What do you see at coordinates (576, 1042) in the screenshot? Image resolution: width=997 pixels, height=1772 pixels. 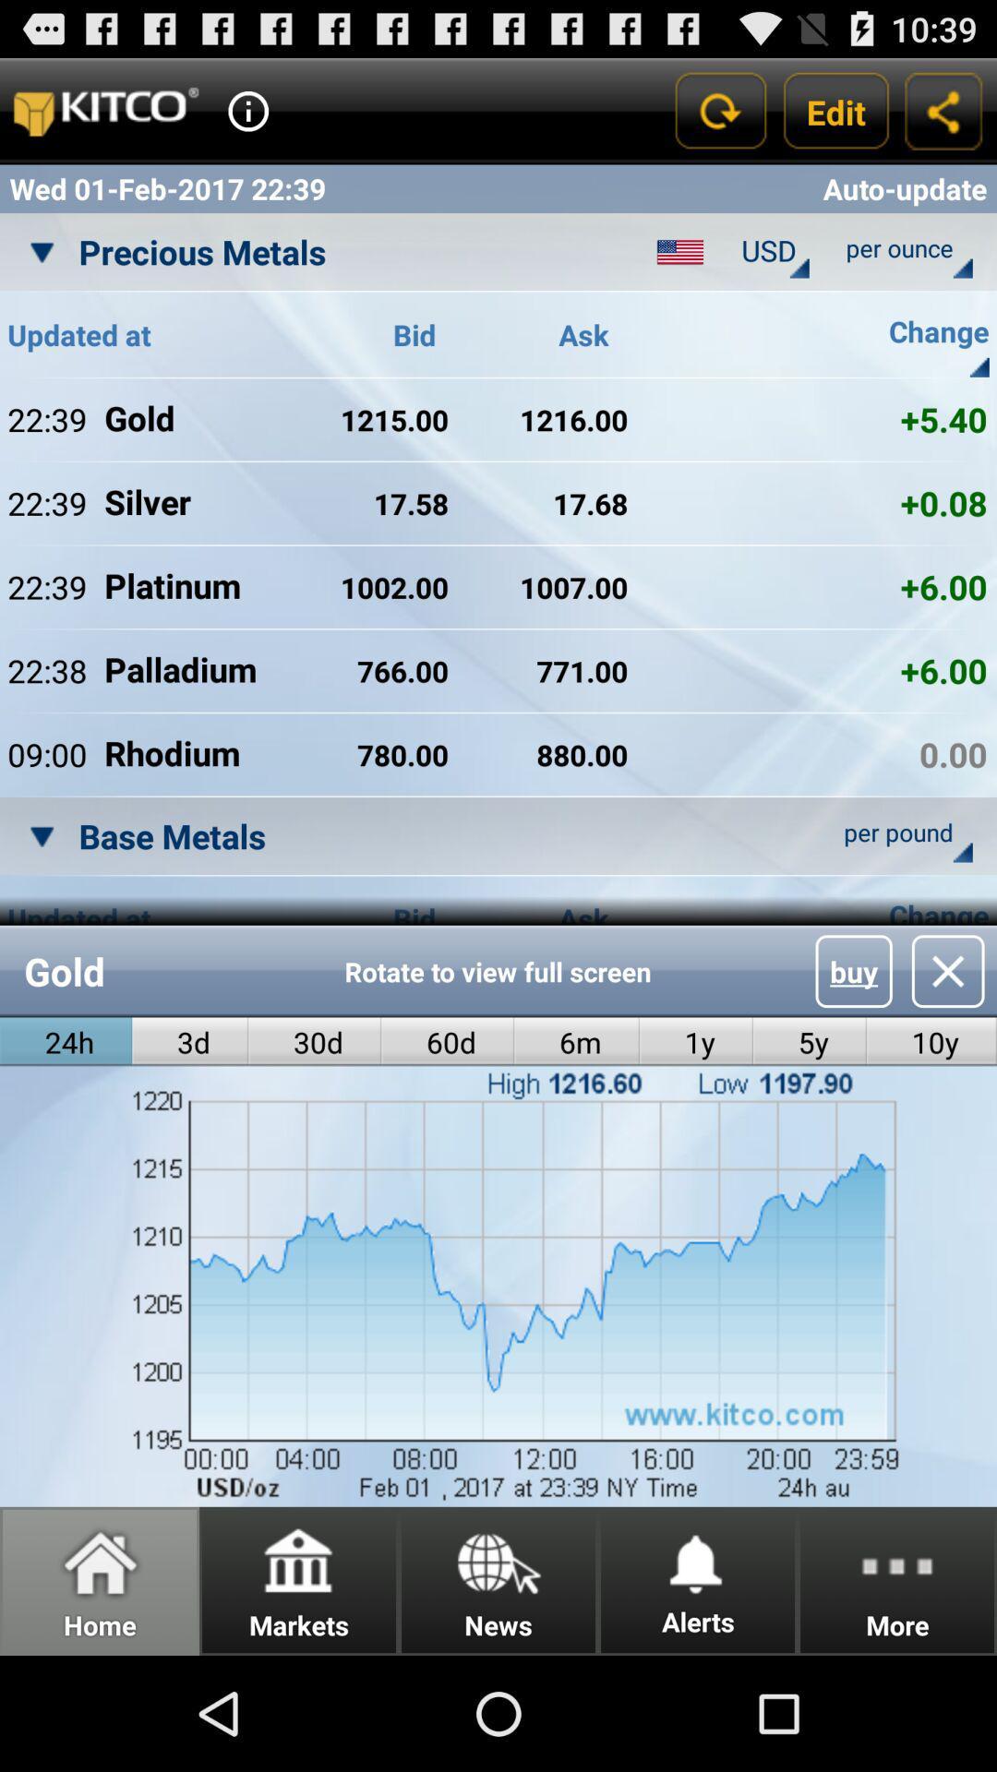 I see `6m item` at bounding box center [576, 1042].